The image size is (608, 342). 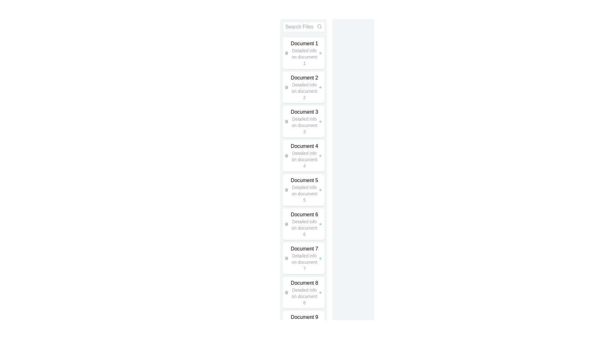 I want to click on the text label 'Document 1', which serves as the heading for the first document in a vertical list interface, so click(x=304, y=43).